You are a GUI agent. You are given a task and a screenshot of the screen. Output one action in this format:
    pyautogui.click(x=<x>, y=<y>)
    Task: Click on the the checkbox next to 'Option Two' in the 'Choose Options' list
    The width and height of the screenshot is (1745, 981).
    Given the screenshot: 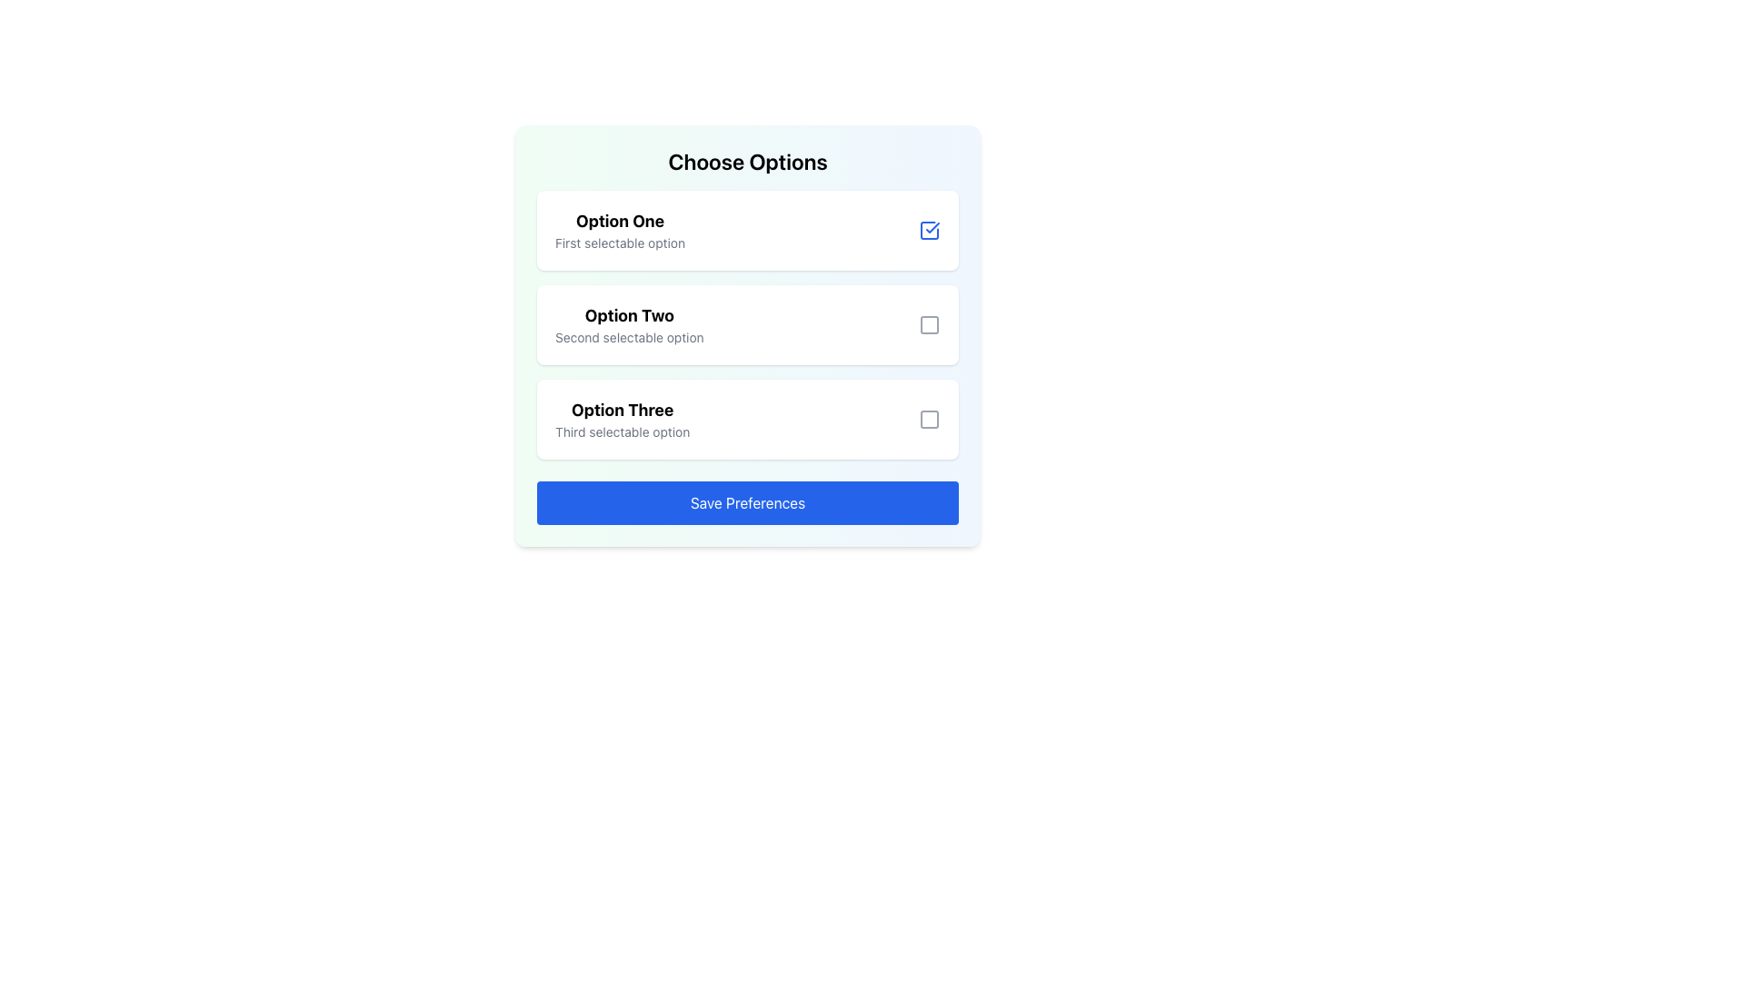 What is the action you would take?
    pyautogui.click(x=747, y=336)
    